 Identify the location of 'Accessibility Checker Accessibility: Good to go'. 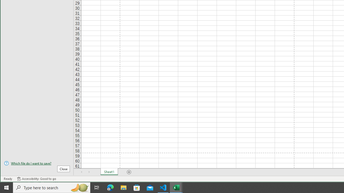
(36, 179).